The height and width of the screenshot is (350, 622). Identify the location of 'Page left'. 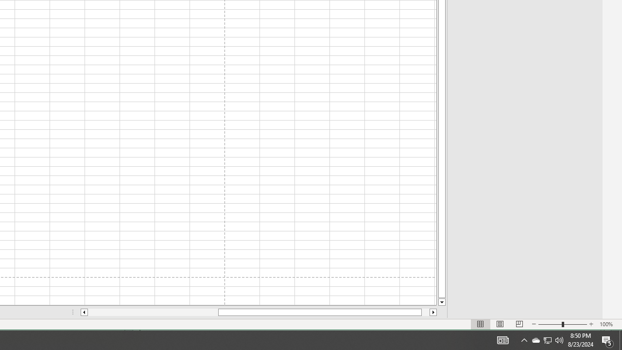
(152, 312).